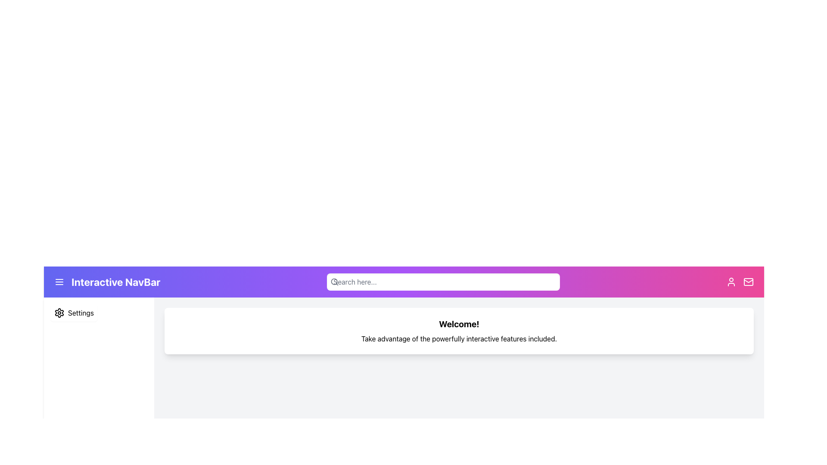 This screenshot has height=465, width=827. What do you see at coordinates (74, 313) in the screenshot?
I see `the 'Settings' button, which is a horizontally-aligned rectangular button with a gear icon, located below the purple navigation bar labeled 'Interactive NavBar'` at bounding box center [74, 313].